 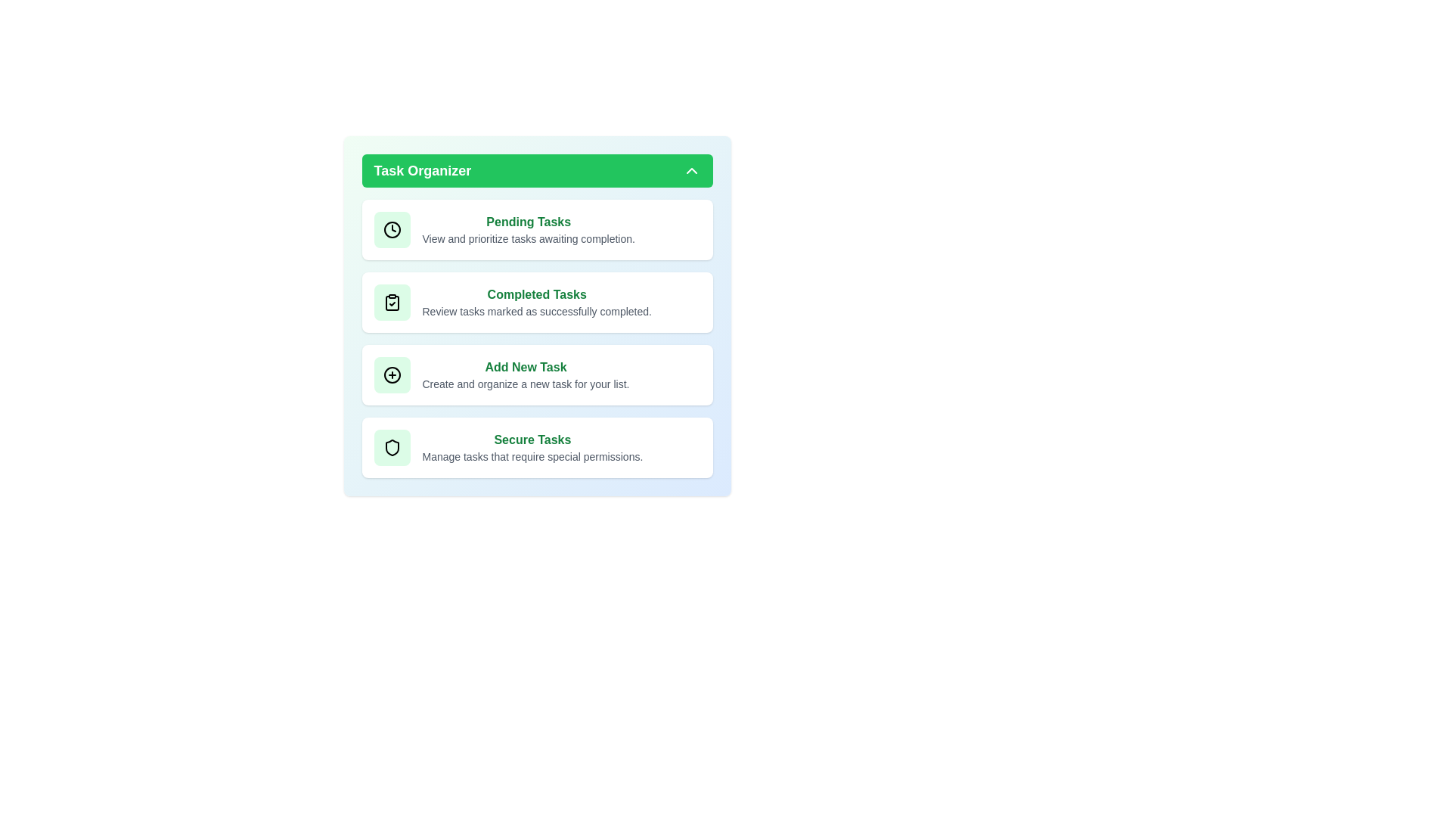 What do you see at coordinates (537, 230) in the screenshot?
I see `the 'Pending Tasks' card to view its details` at bounding box center [537, 230].